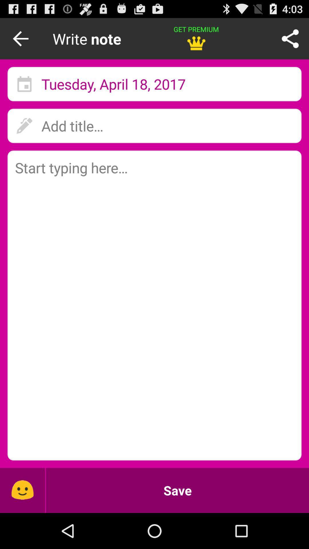 Image resolution: width=309 pixels, height=549 pixels. Describe the element at coordinates (22, 41) in the screenshot. I see `the arrow_backward icon` at that location.